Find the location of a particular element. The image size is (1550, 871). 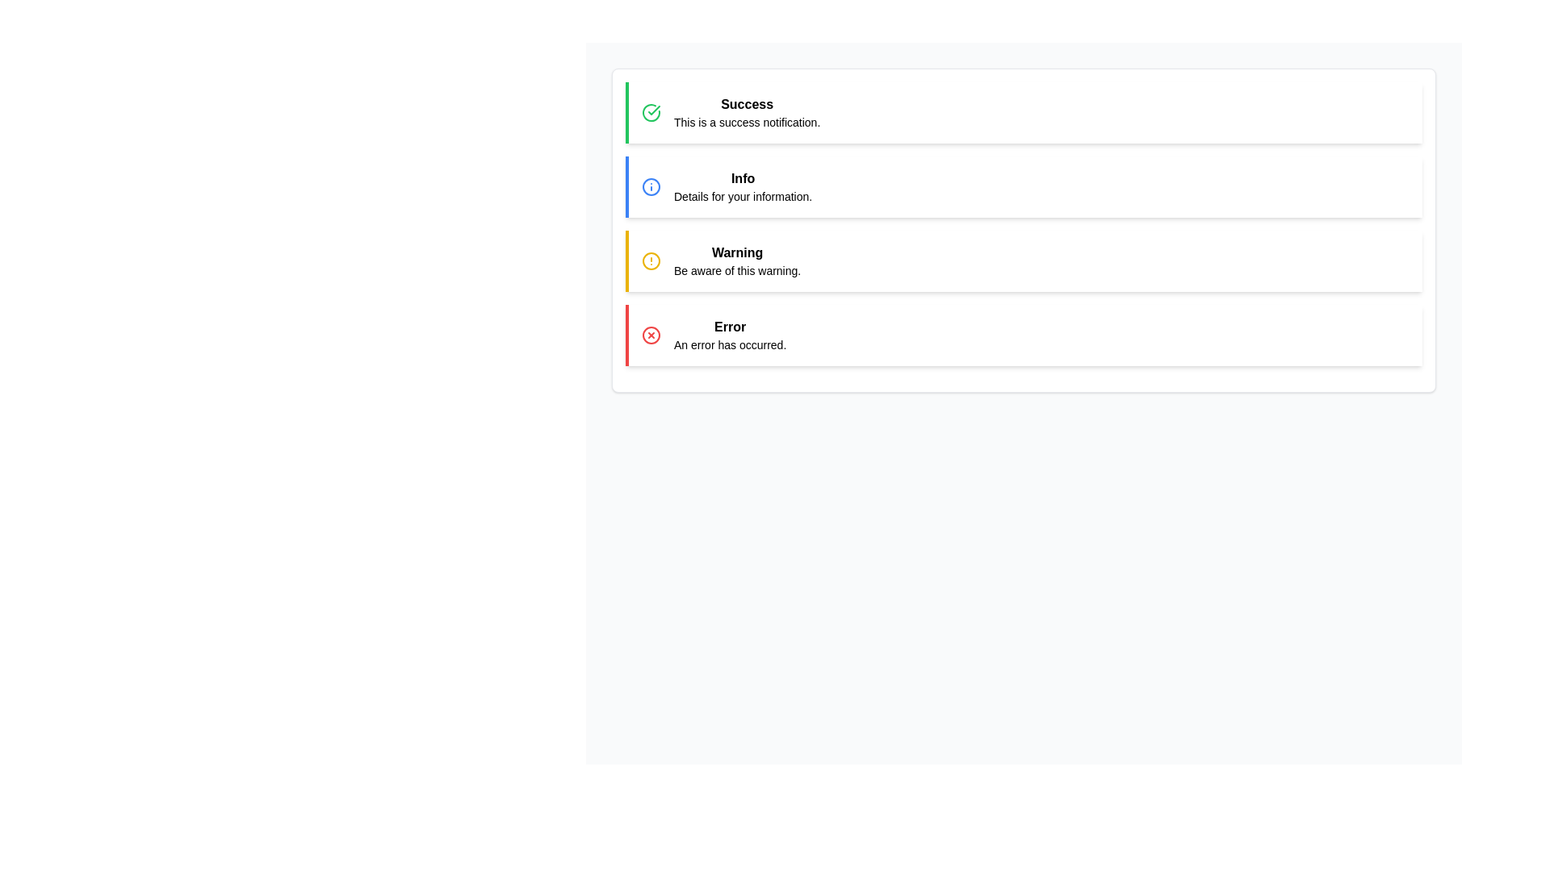

the error notification text display, which contains the bold 'Error' text and the smaller 'An error has occurred.' message, styled within a card-like structure with a red color accent on the left border is located at coordinates (729, 335).